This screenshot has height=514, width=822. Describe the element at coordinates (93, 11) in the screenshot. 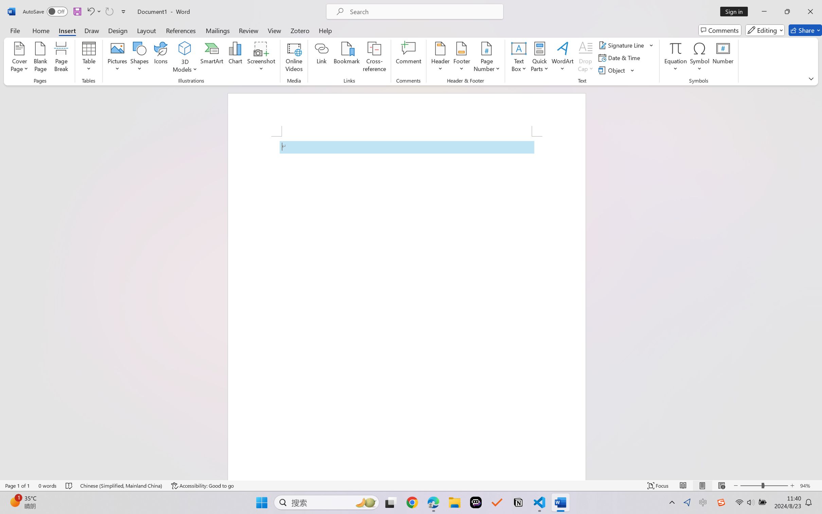

I see `'Undo Apply Quick Style'` at that location.